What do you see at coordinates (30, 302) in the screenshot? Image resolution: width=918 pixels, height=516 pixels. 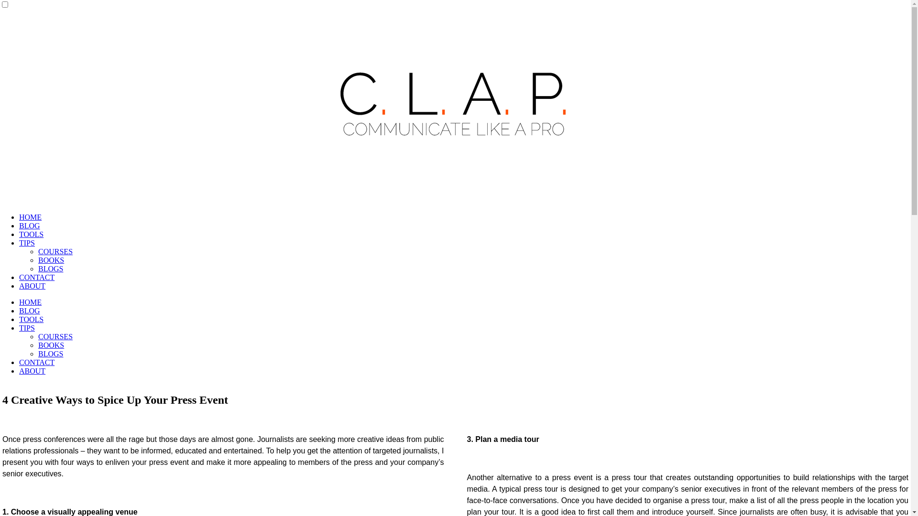 I see `'HOME'` at bounding box center [30, 302].